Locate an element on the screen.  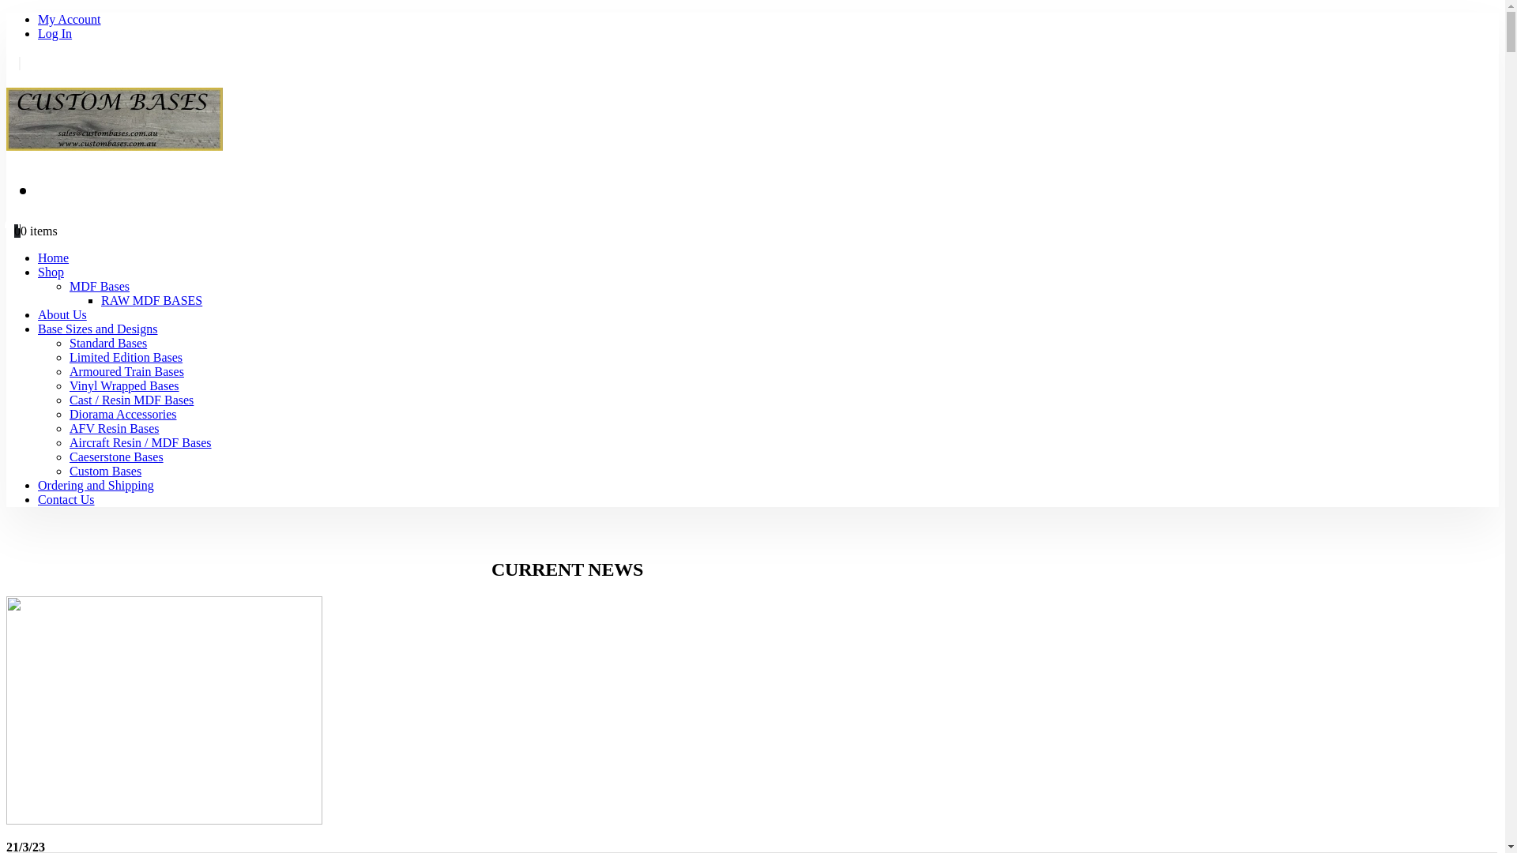
'Vinyl Wrapped Bases' is located at coordinates (68, 385).